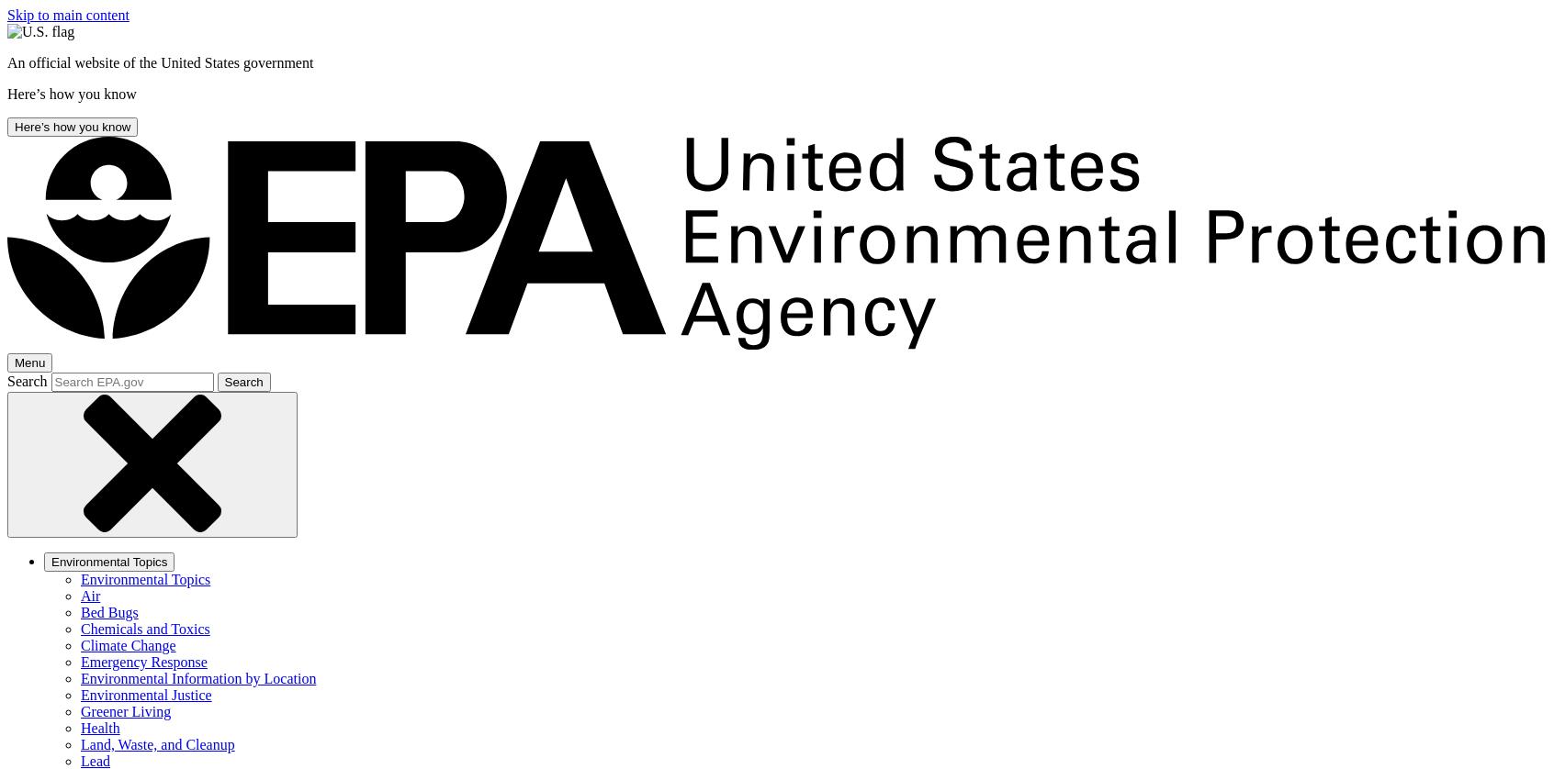 This screenshot has width=1554, height=769. What do you see at coordinates (156, 743) in the screenshot?
I see `'Land, Waste, and Cleanup'` at bounding box center [156, 743].